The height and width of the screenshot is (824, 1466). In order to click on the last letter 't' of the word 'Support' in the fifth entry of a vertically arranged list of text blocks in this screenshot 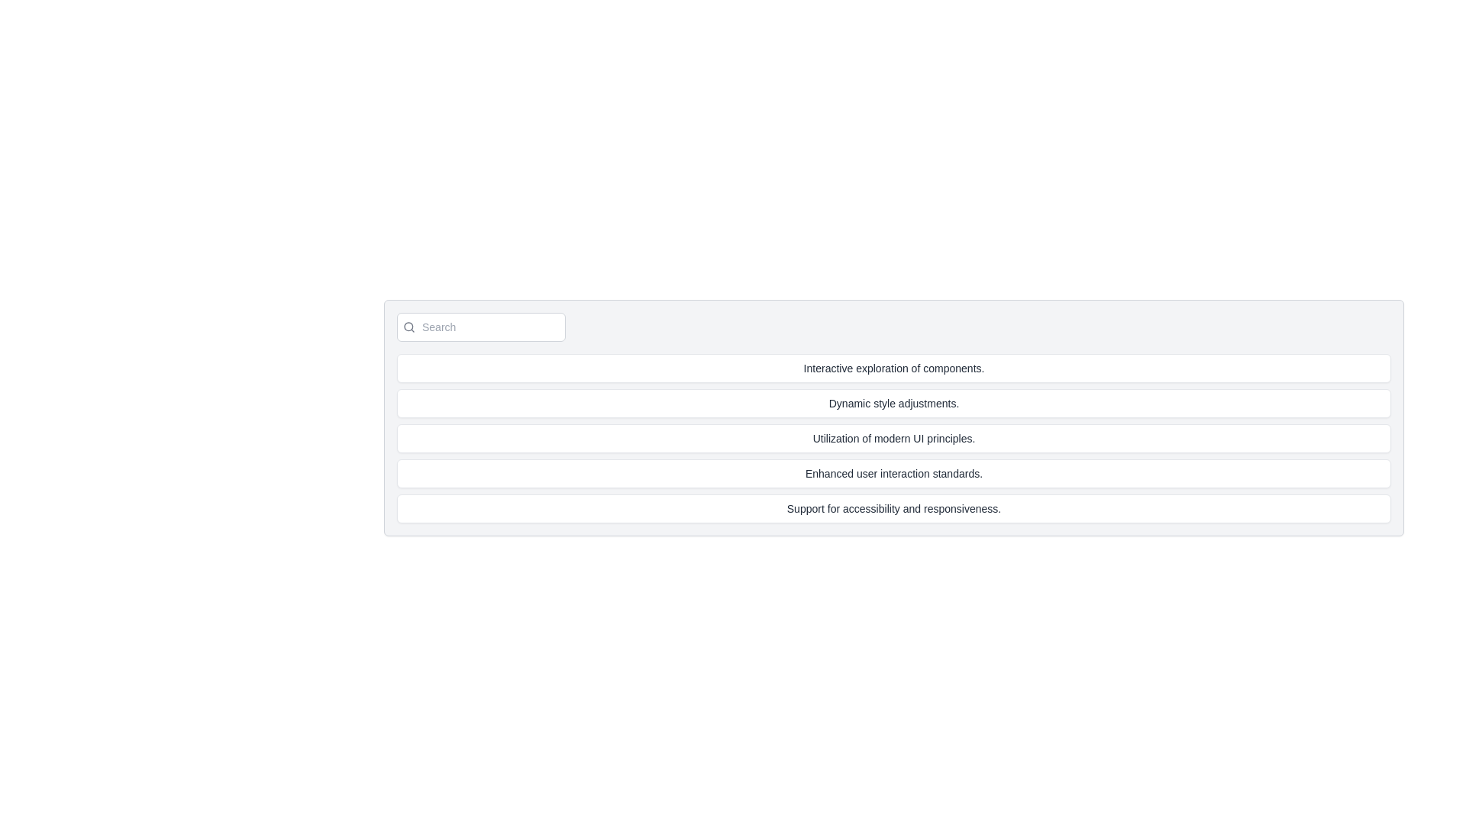, I will do `click(822, 509)`.